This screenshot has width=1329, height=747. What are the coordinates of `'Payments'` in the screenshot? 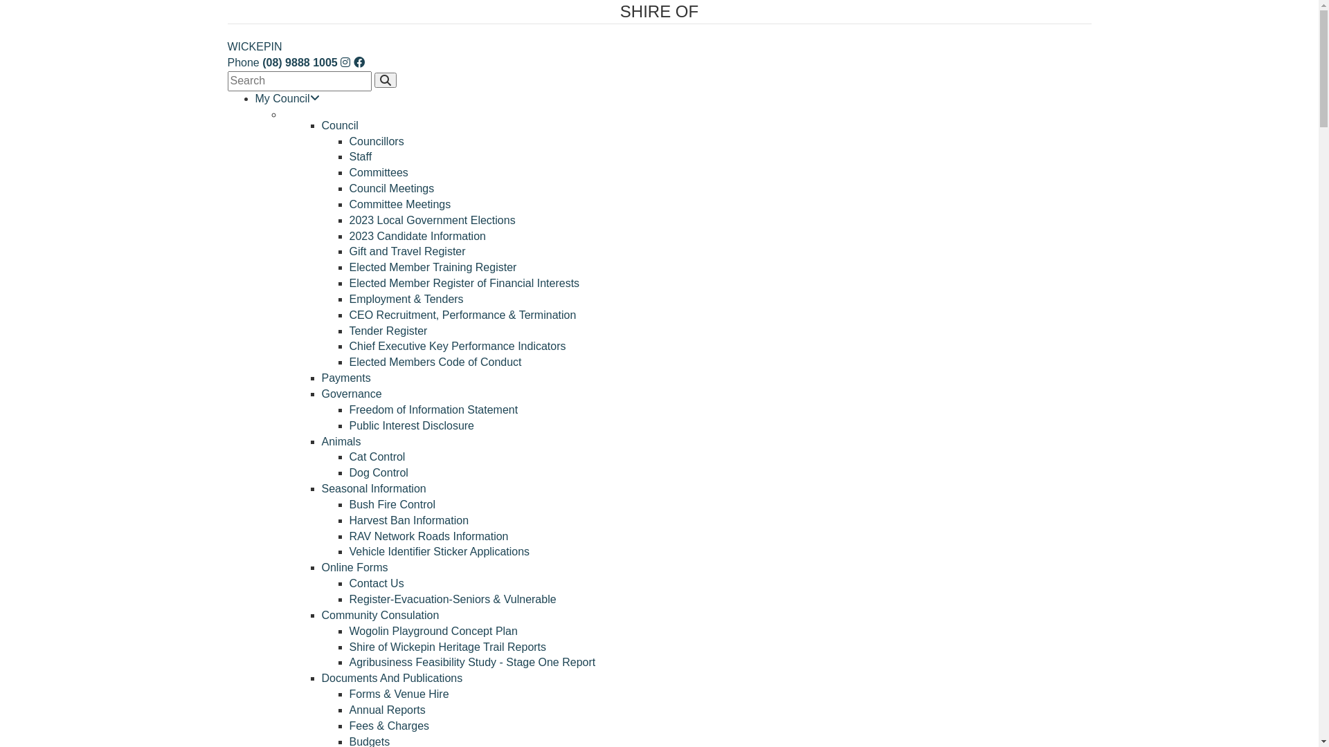 It's located at (345, 378).